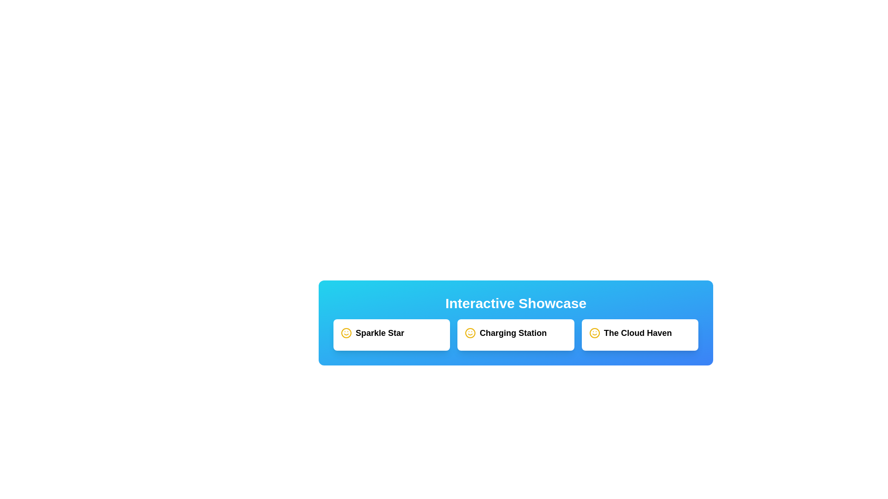 This screenshot has height=499, width=888. I want to click on the second card in the three-card layout, which features a white background with rounded corners and contains a yellow smiley face icon alongside the bold text 'Charging Station', so click(515, 335).